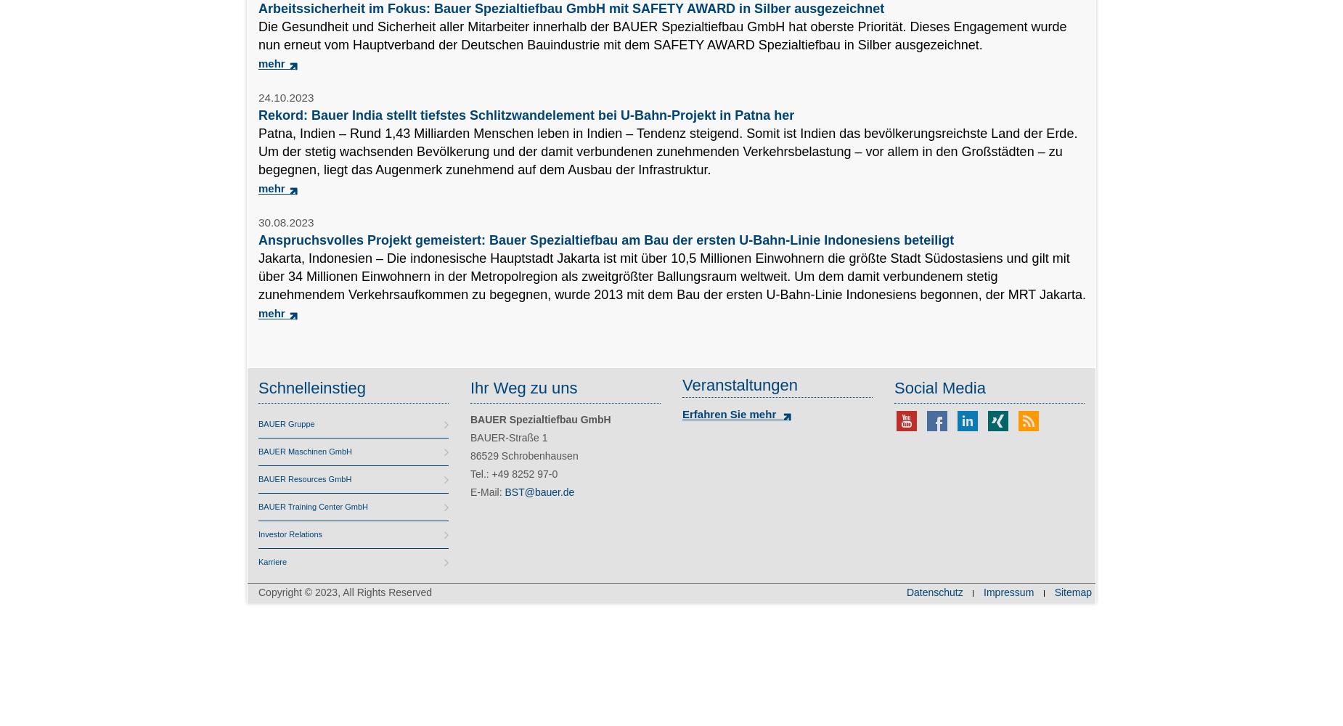  I want to click on 'Investor Relations', so click(289, 534).